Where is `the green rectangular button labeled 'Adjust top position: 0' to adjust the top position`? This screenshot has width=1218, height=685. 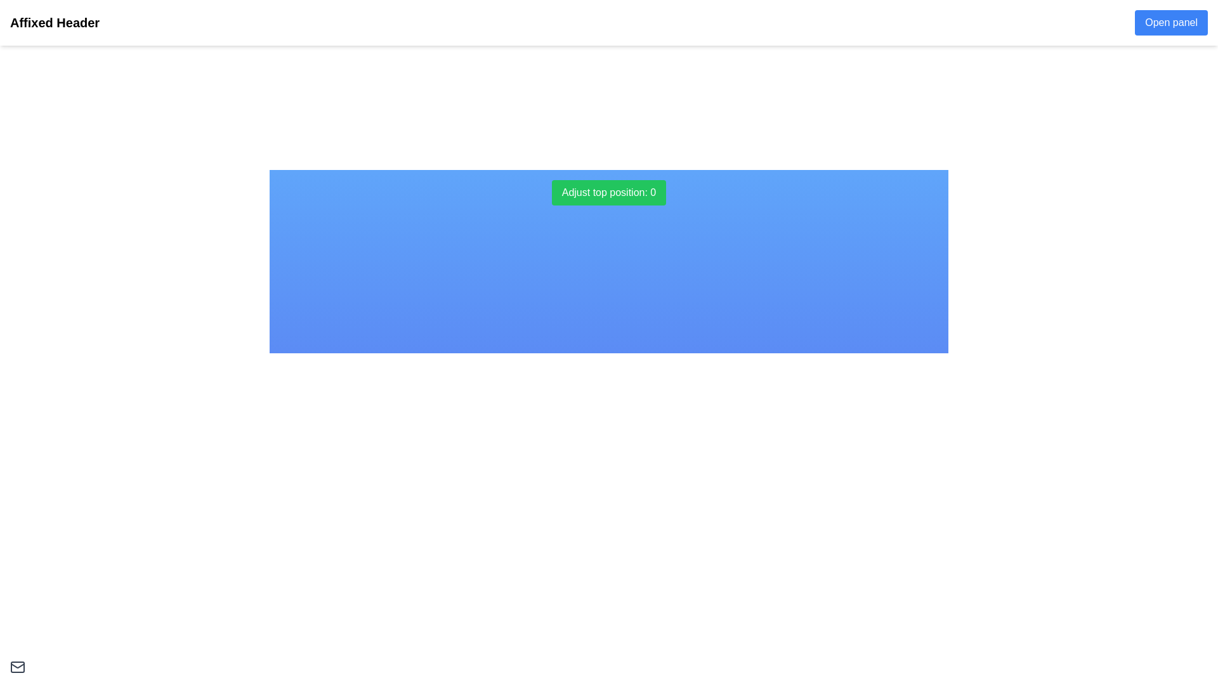
the green rectangular button labeled 'Adjust top position: 0' to adjust the top position is located at coordinates (609, 193).